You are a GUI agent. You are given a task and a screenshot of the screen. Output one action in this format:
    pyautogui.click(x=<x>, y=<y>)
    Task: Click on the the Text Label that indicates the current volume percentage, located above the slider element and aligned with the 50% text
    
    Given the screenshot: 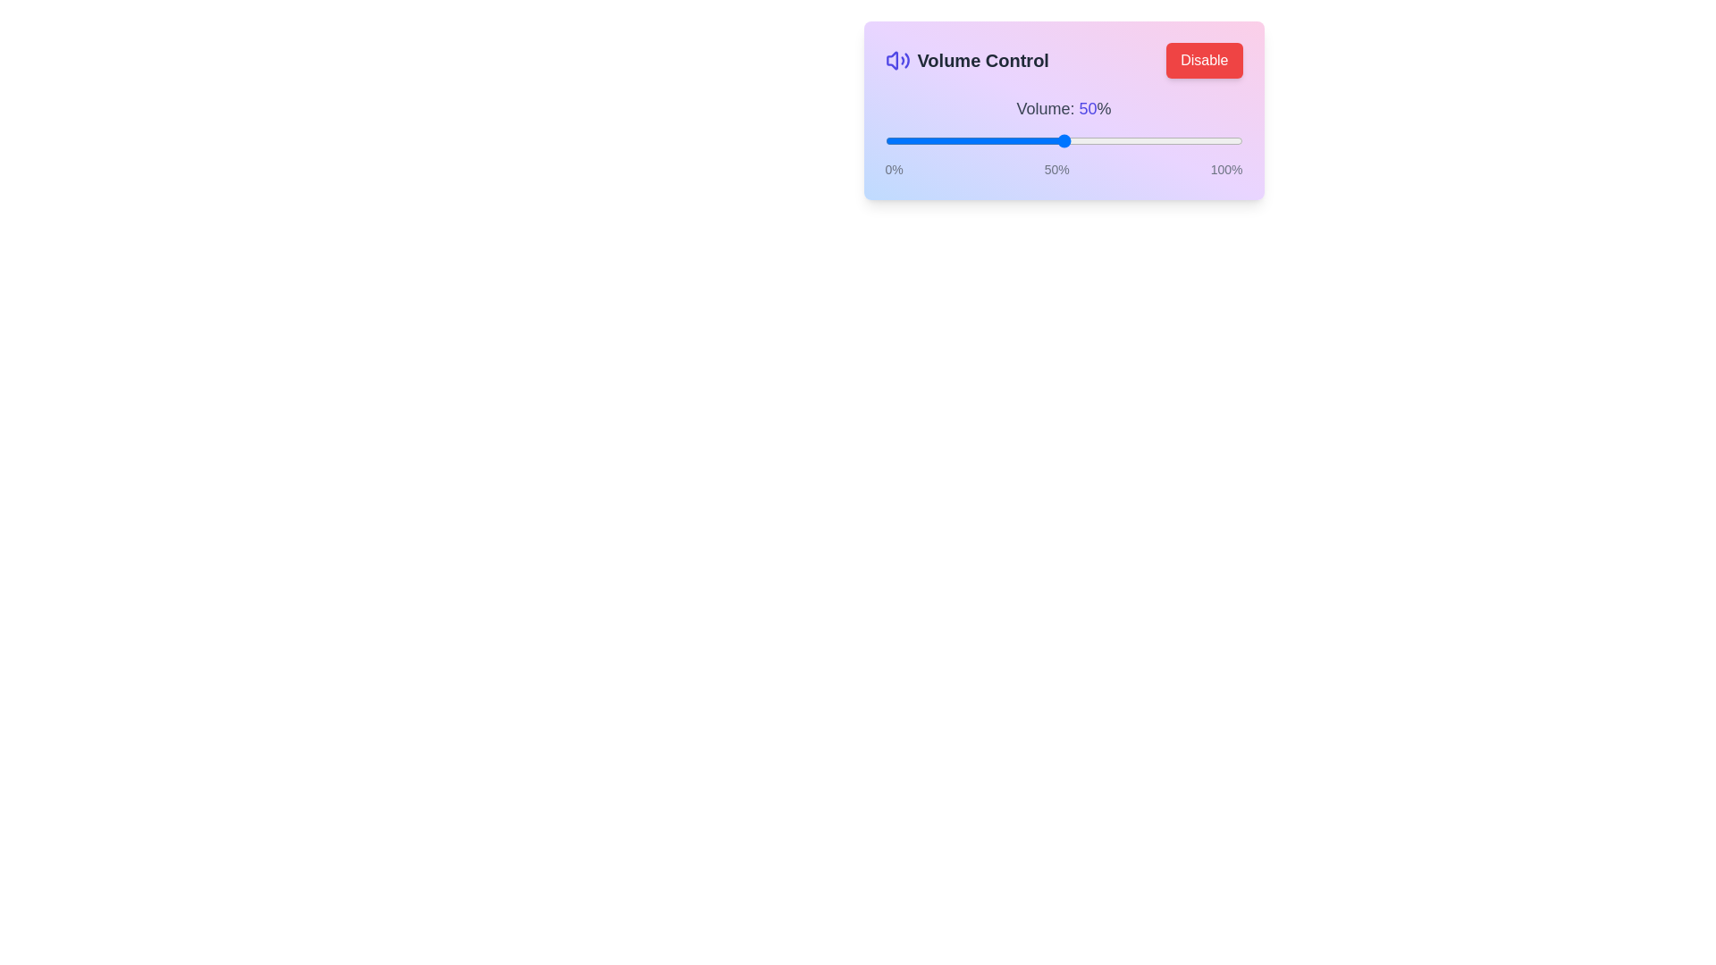 What is the action you would take?
    pyautogui.click(x=1064, y=109)
    